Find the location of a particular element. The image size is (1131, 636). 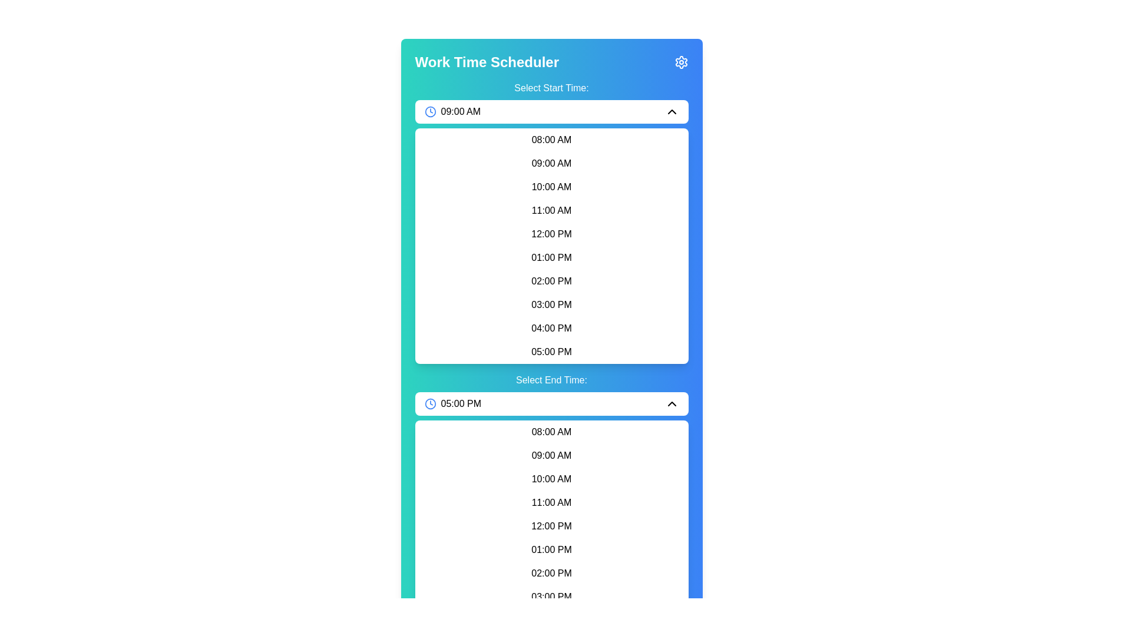

the seventh list item is located at coordinates (551, 573).